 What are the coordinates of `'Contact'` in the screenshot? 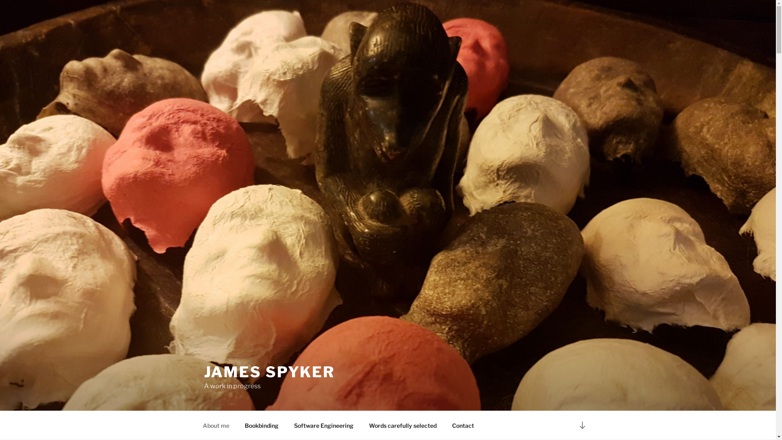 It's located at (444, 425).